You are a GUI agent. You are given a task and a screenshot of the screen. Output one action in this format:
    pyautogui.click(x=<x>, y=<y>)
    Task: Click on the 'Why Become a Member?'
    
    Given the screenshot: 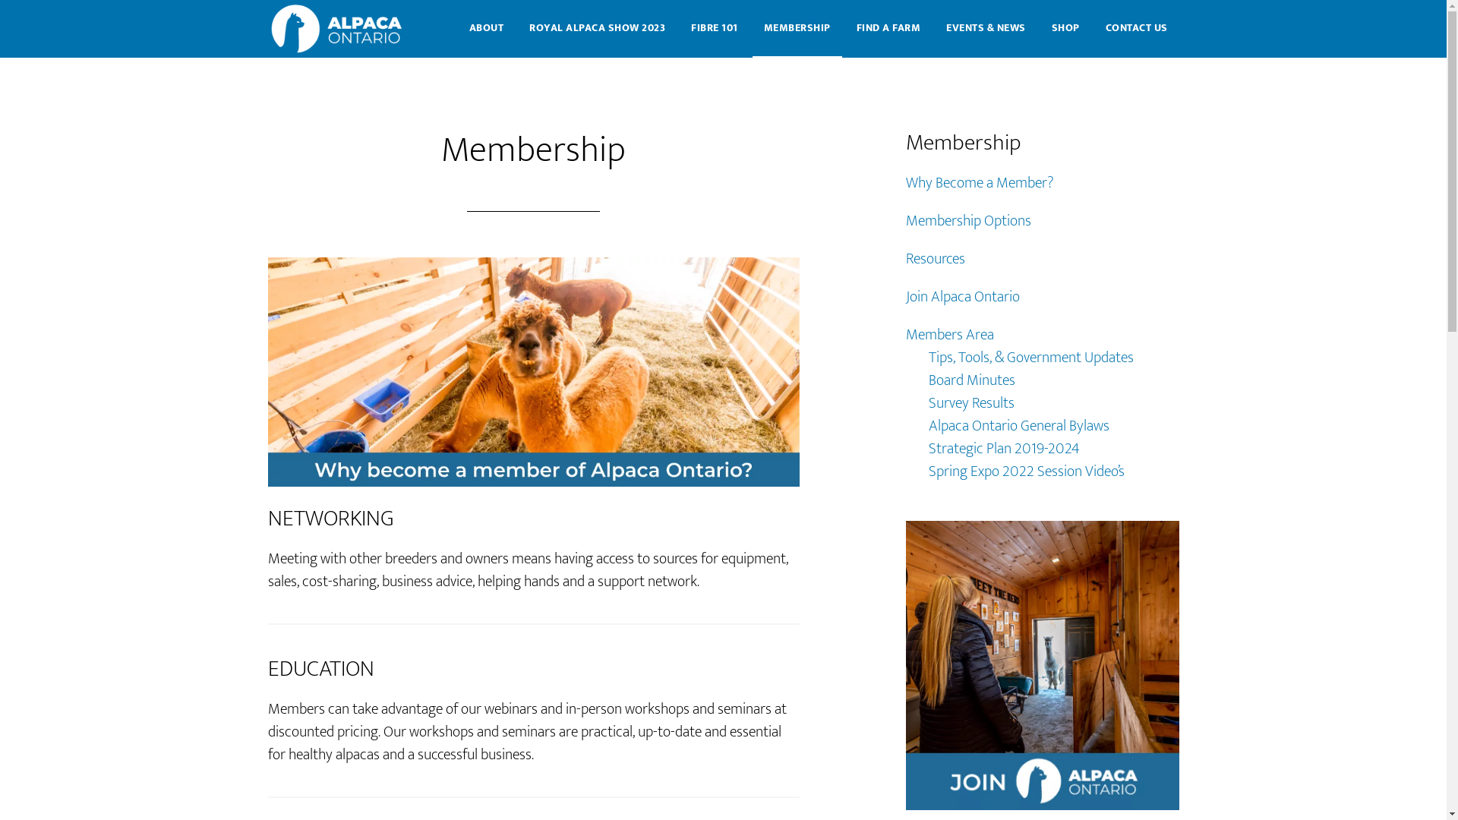 What is the action you would take?
    pyautogui.click(x=904, y=181)
    